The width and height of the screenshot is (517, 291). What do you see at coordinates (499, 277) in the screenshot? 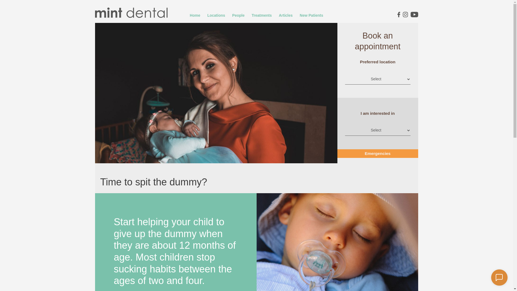
I see `'indemandly'` at bounding box center [499, 277].